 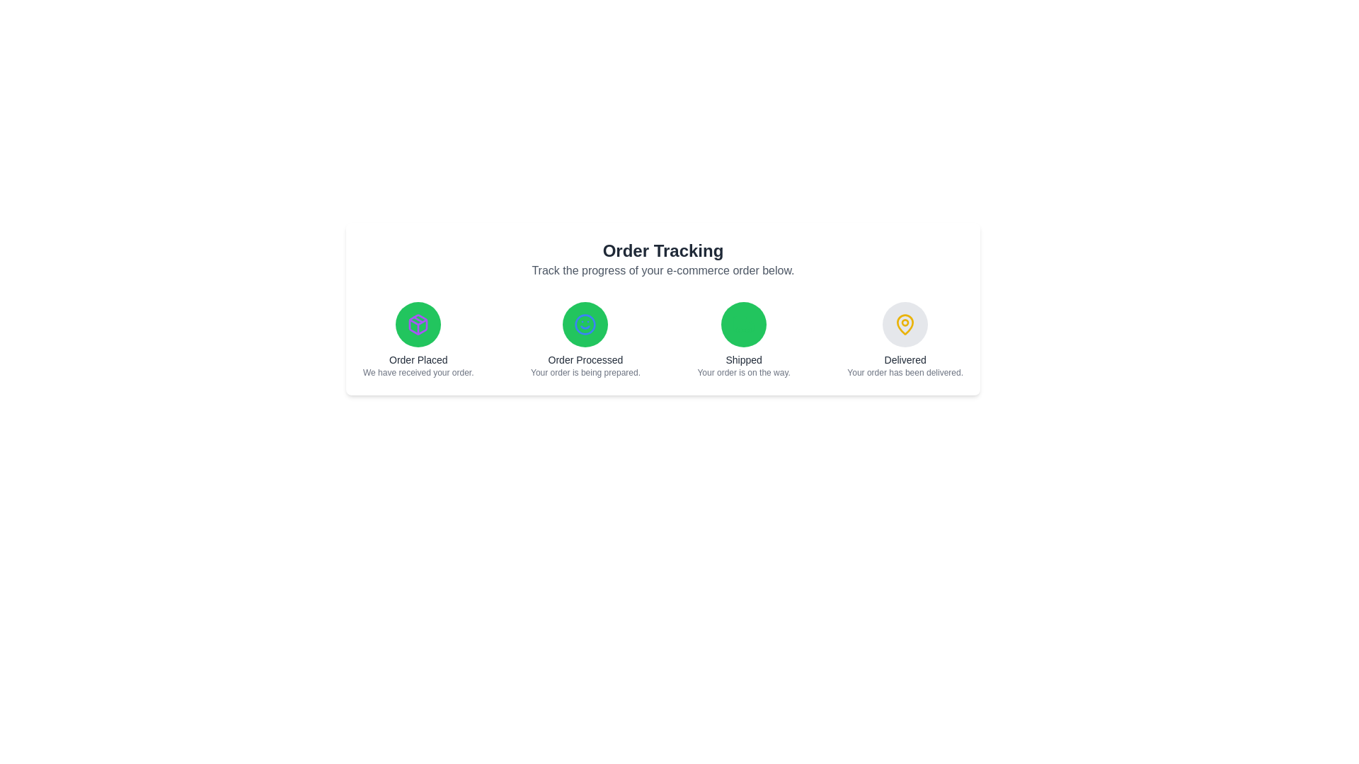 I want to click on the confirmation message text indicating that the order has been received, located beneath the 'Order Placed' heading, so click(x=418, y=372).